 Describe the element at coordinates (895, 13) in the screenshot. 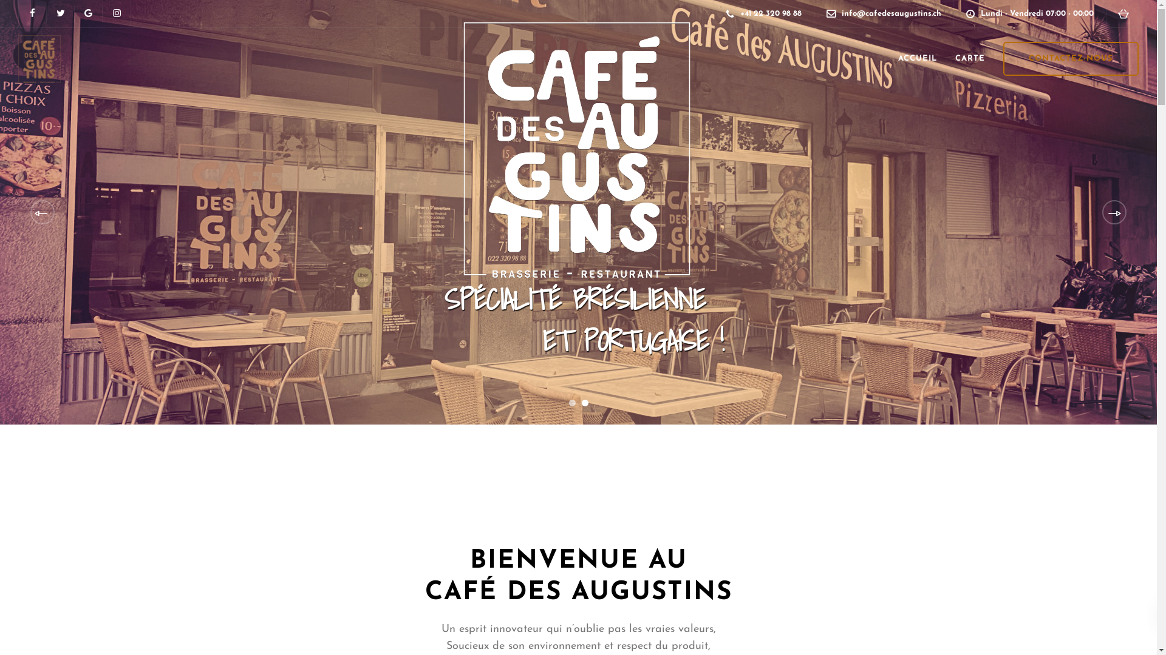

I see `'info@cafedesaugustins.ch'` at that location.